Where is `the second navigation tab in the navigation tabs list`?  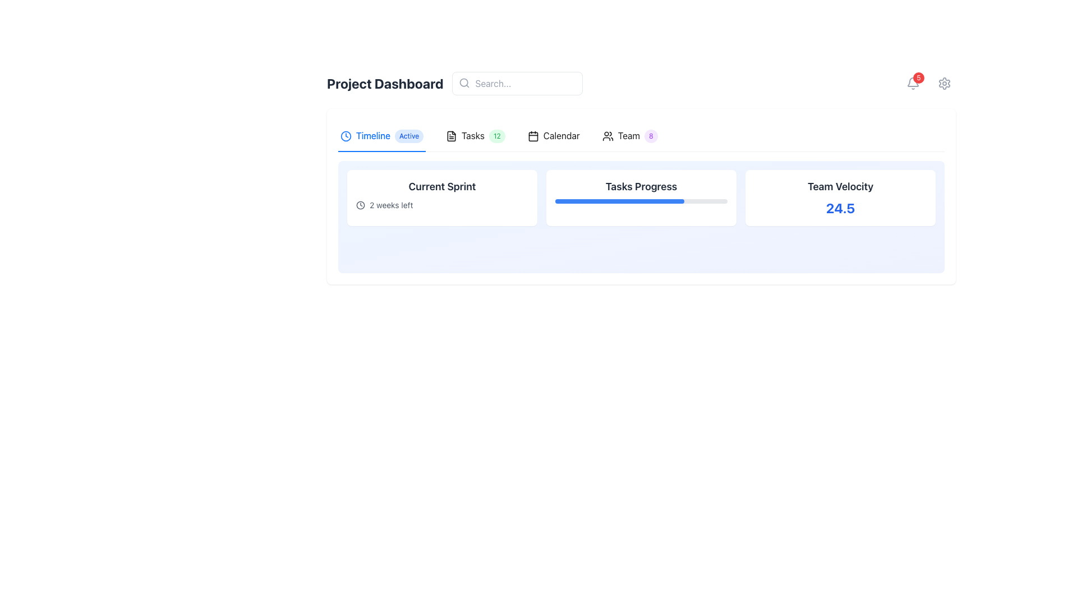 the second navigation tab in the navigation tabs list is located at coordinates (498, 135).